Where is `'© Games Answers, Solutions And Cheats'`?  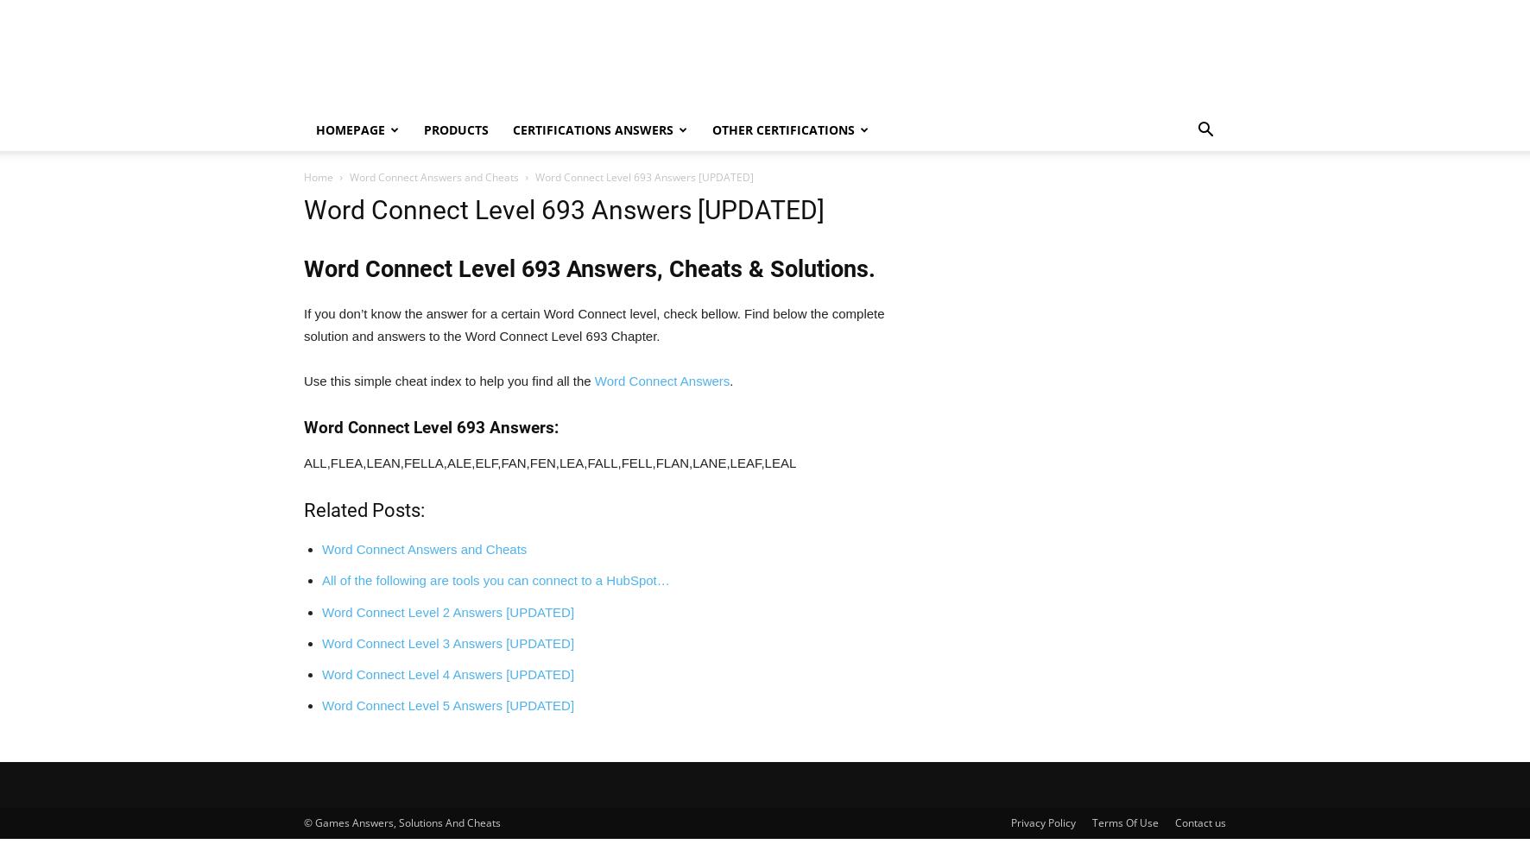 '© Games Answers, Solutions And Cheats' is located at coordinates (401, 821).